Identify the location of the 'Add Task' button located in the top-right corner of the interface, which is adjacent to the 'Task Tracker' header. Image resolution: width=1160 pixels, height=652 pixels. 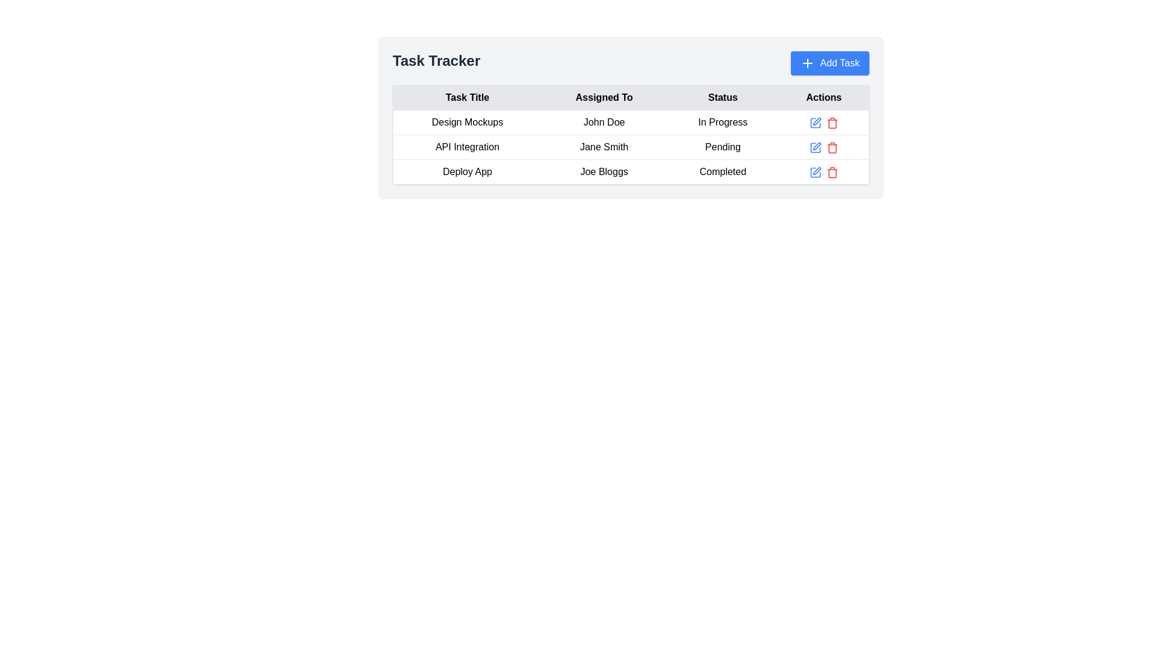
(829, 63).